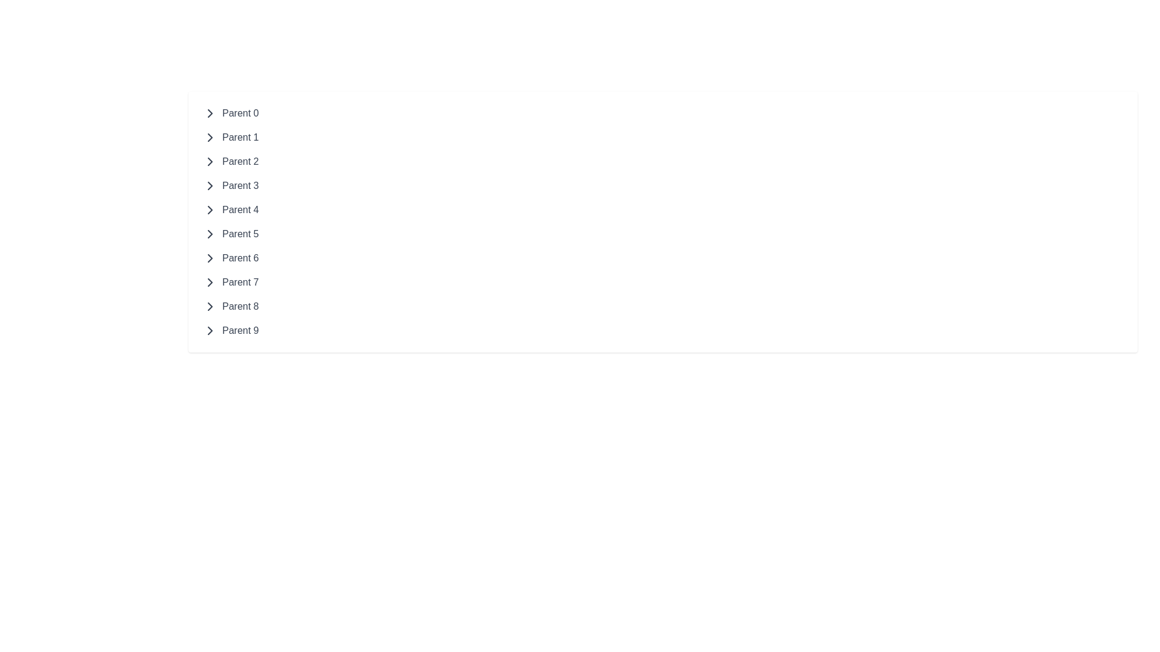  Describe the element at coordinates (231, 113) in the screenshot. I see `the first expandable list item located` at that location.